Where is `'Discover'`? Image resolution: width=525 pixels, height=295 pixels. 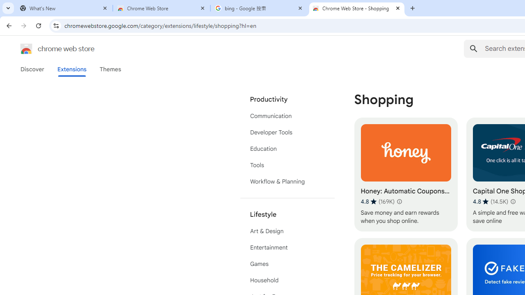 'Discover' is located at coordinates (32, 69).